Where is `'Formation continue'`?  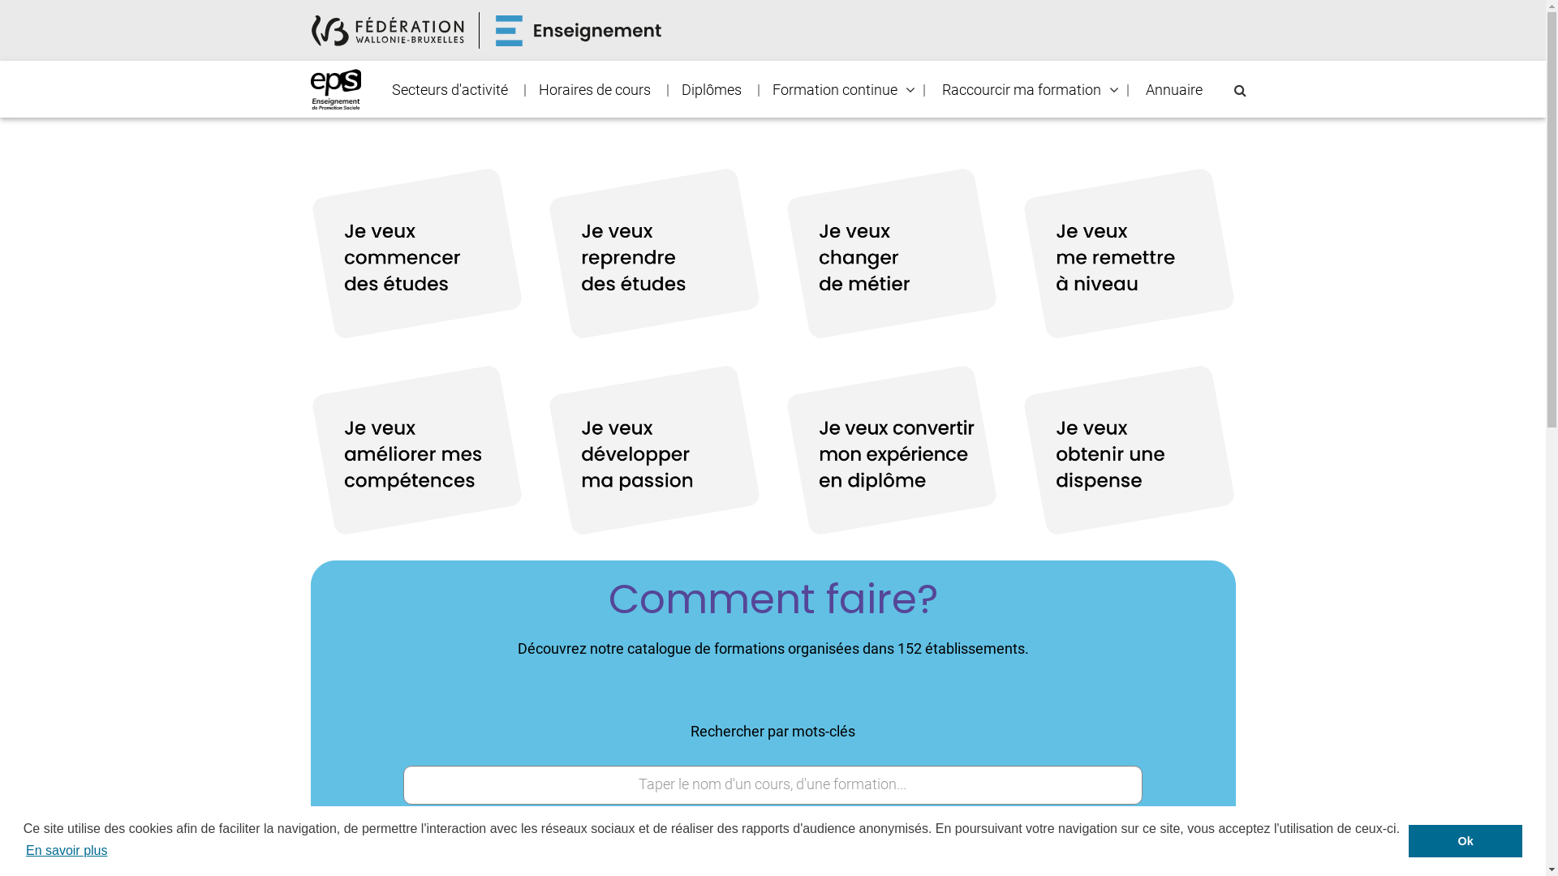 'Formation continue' is located at coordinates (833, 90).